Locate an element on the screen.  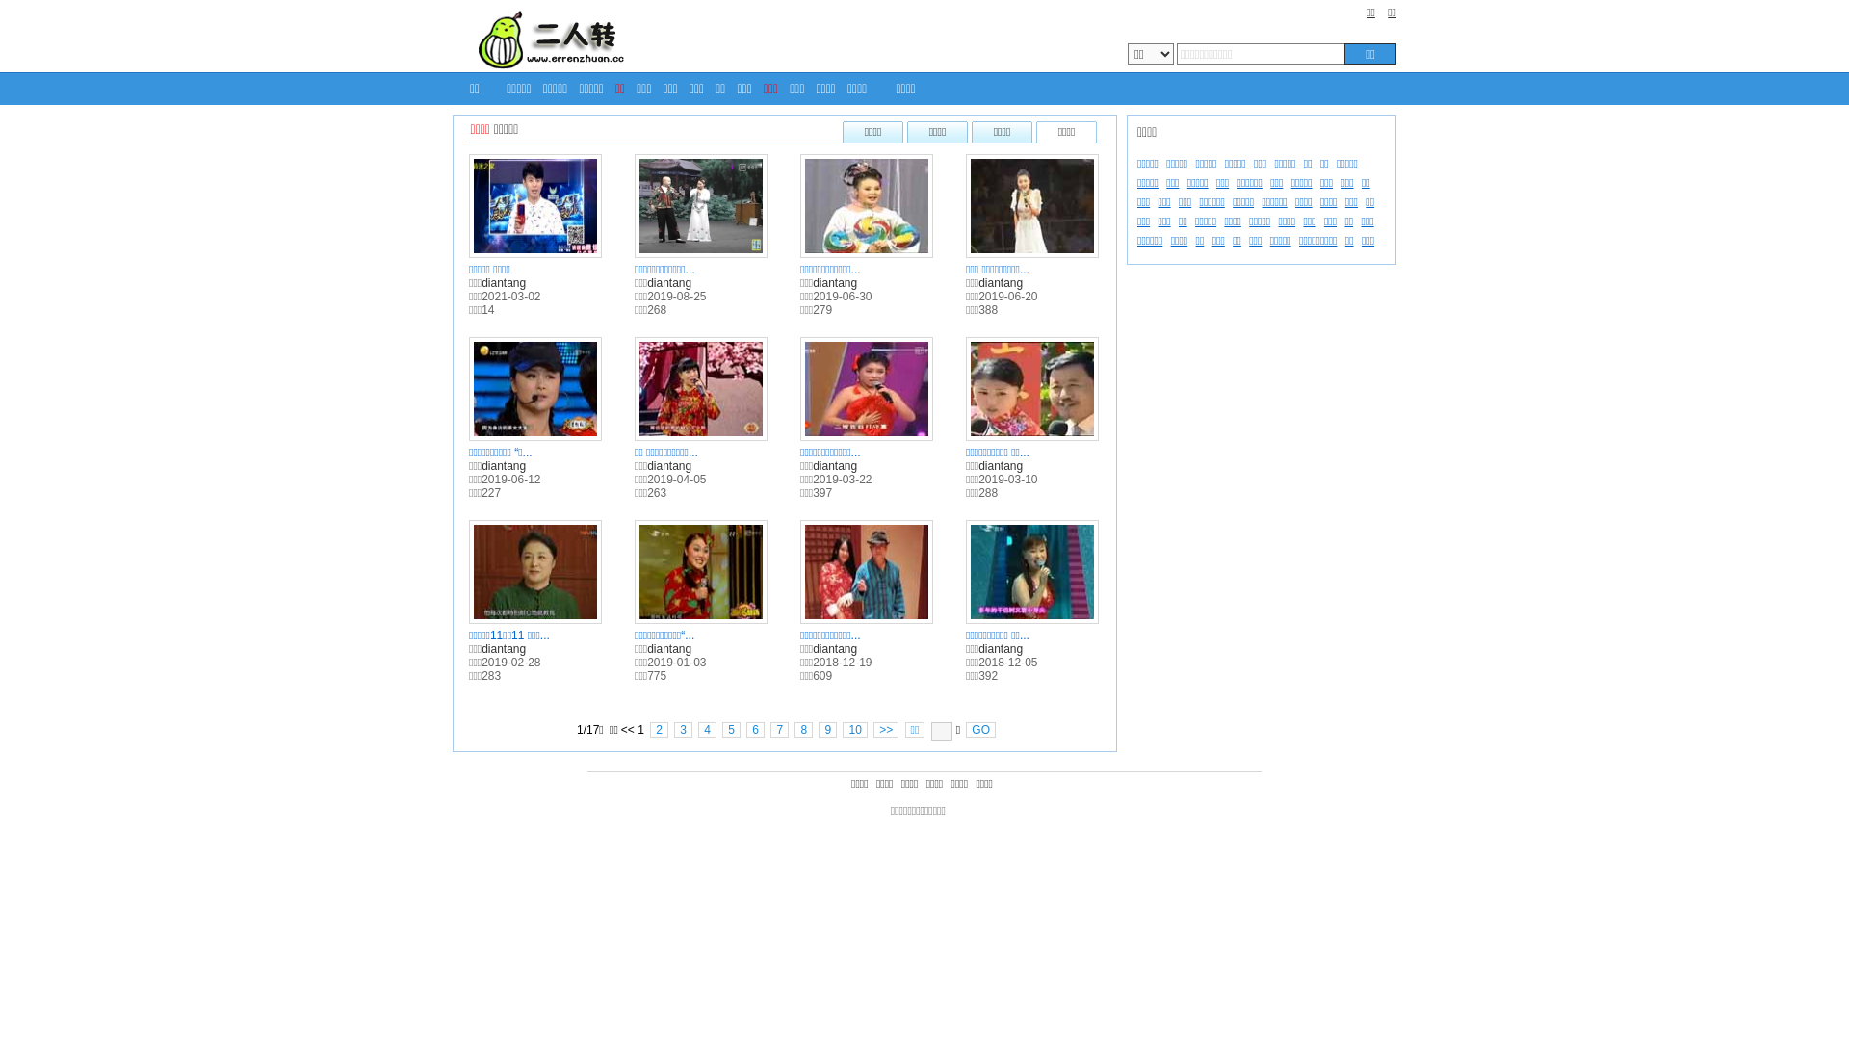
'7' is located at coordinates (779, 730).